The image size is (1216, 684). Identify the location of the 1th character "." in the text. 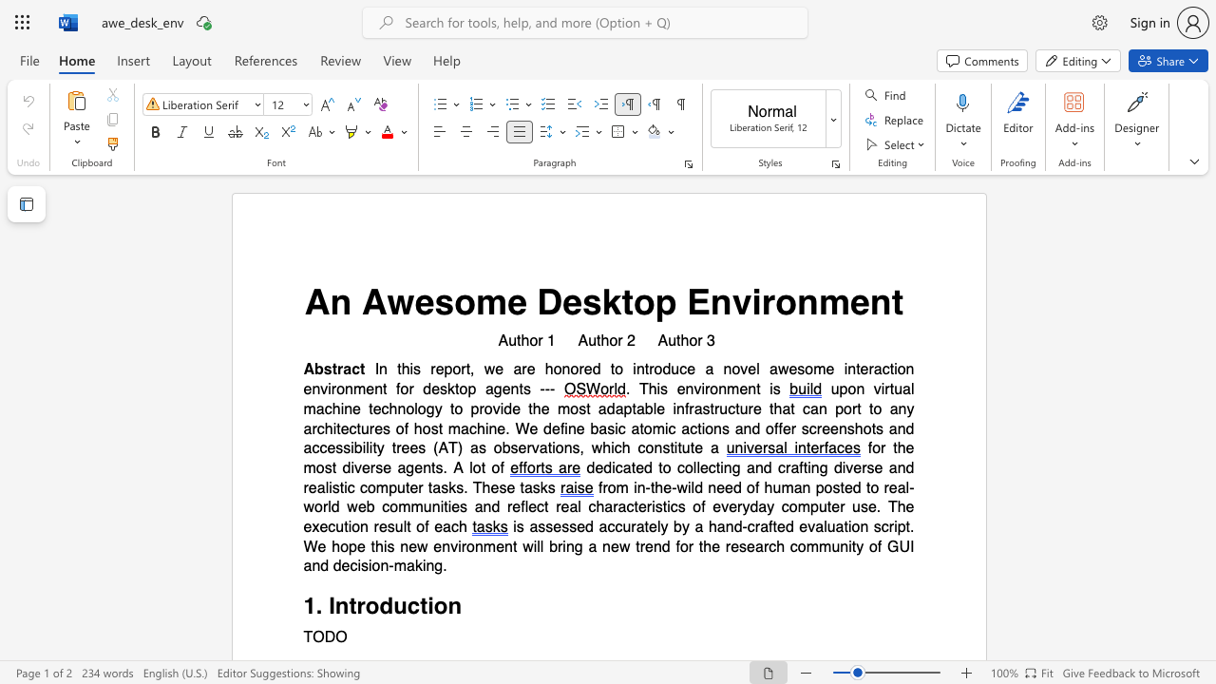
(319, 606).